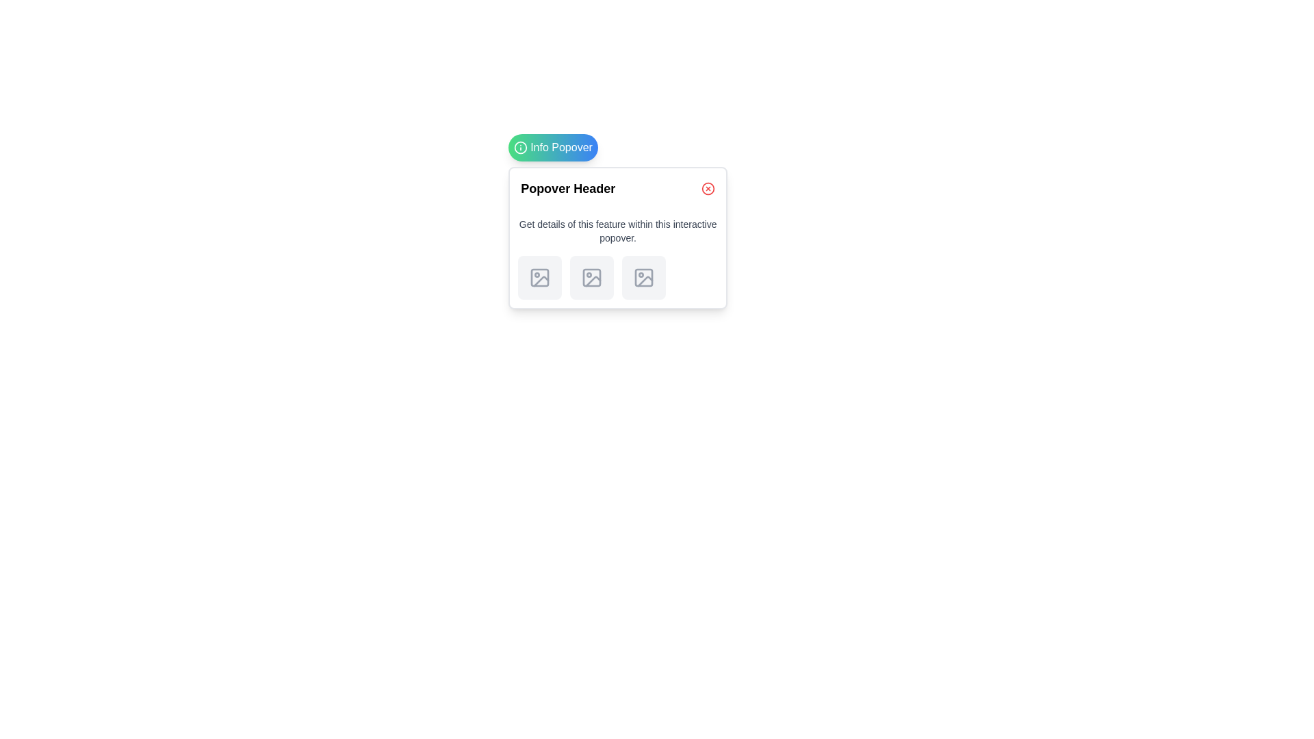  Describe the element at coordinates (592, 277) in the screenshot. I see `the second icon representing image functionality within the popover interface, which is not interactive in the current context` at that location.